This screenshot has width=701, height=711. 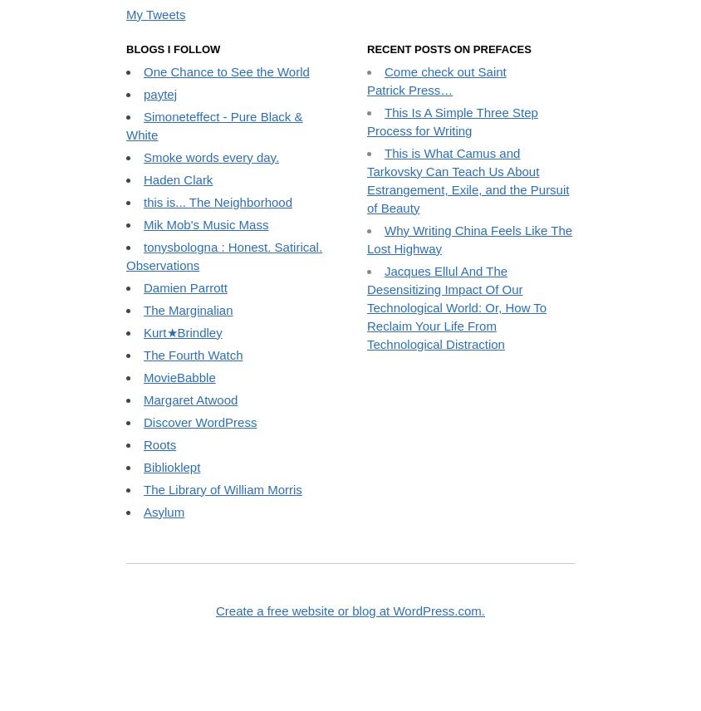 What do you see at coordinates (223, 390) in the screenshot?
I see `'tonysbologna : Honest. Satirical. Observations'` at bounding box center [223, 390].